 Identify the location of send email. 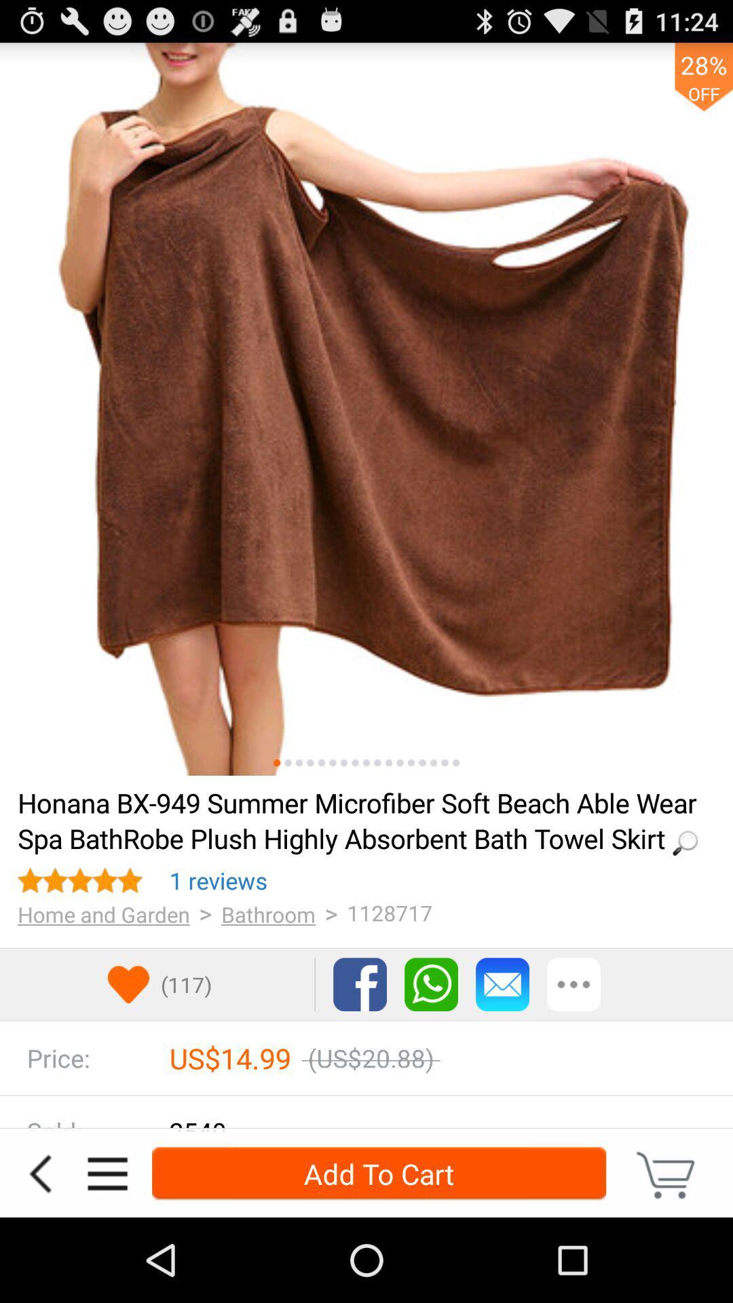
(502, 984).